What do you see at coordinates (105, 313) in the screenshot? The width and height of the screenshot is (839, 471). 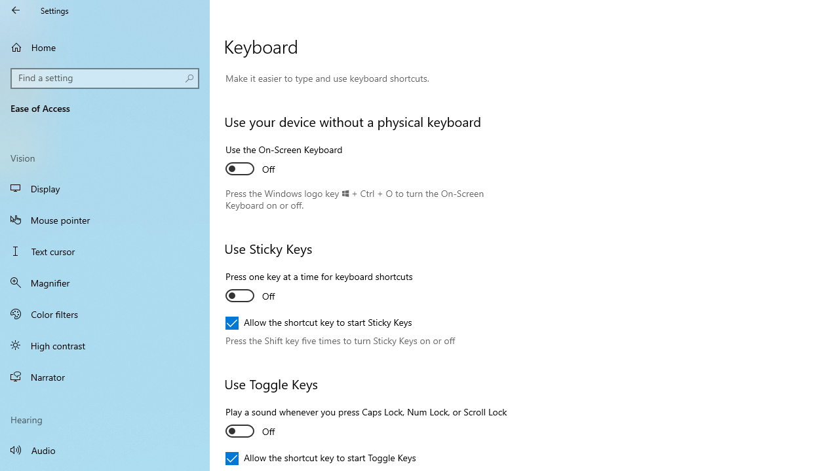 I see `'Color filters'` at bounding box center [105, 313].